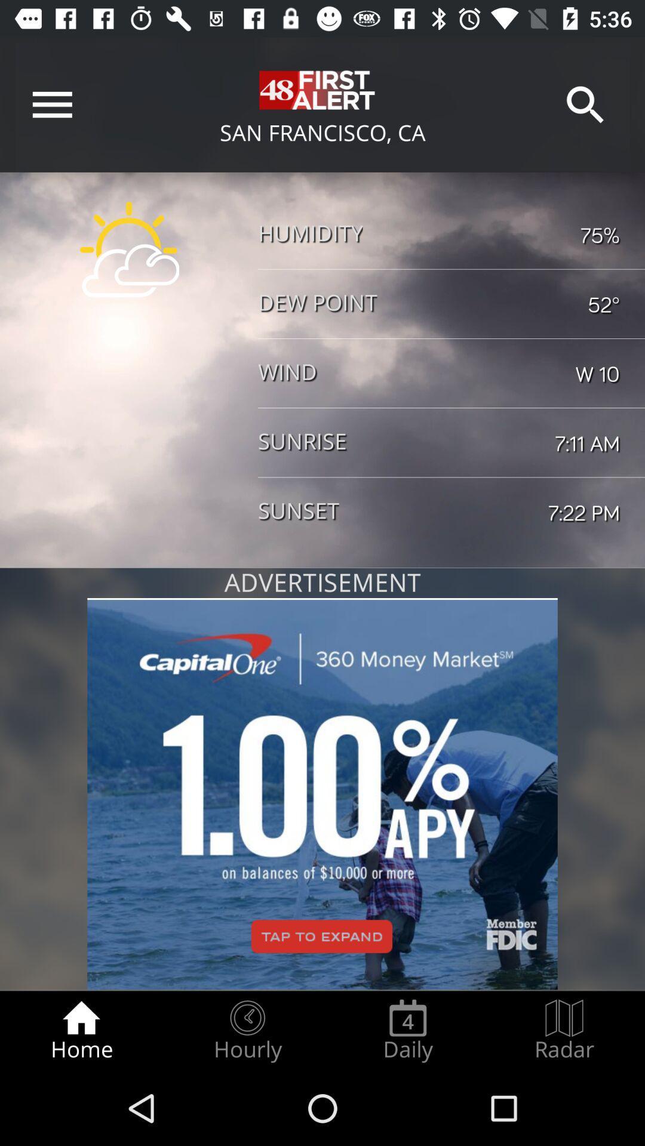  What do you see at coordinates (564, 1030) in the screenshot?
I see `radar` at bounding box center [564, 1030].